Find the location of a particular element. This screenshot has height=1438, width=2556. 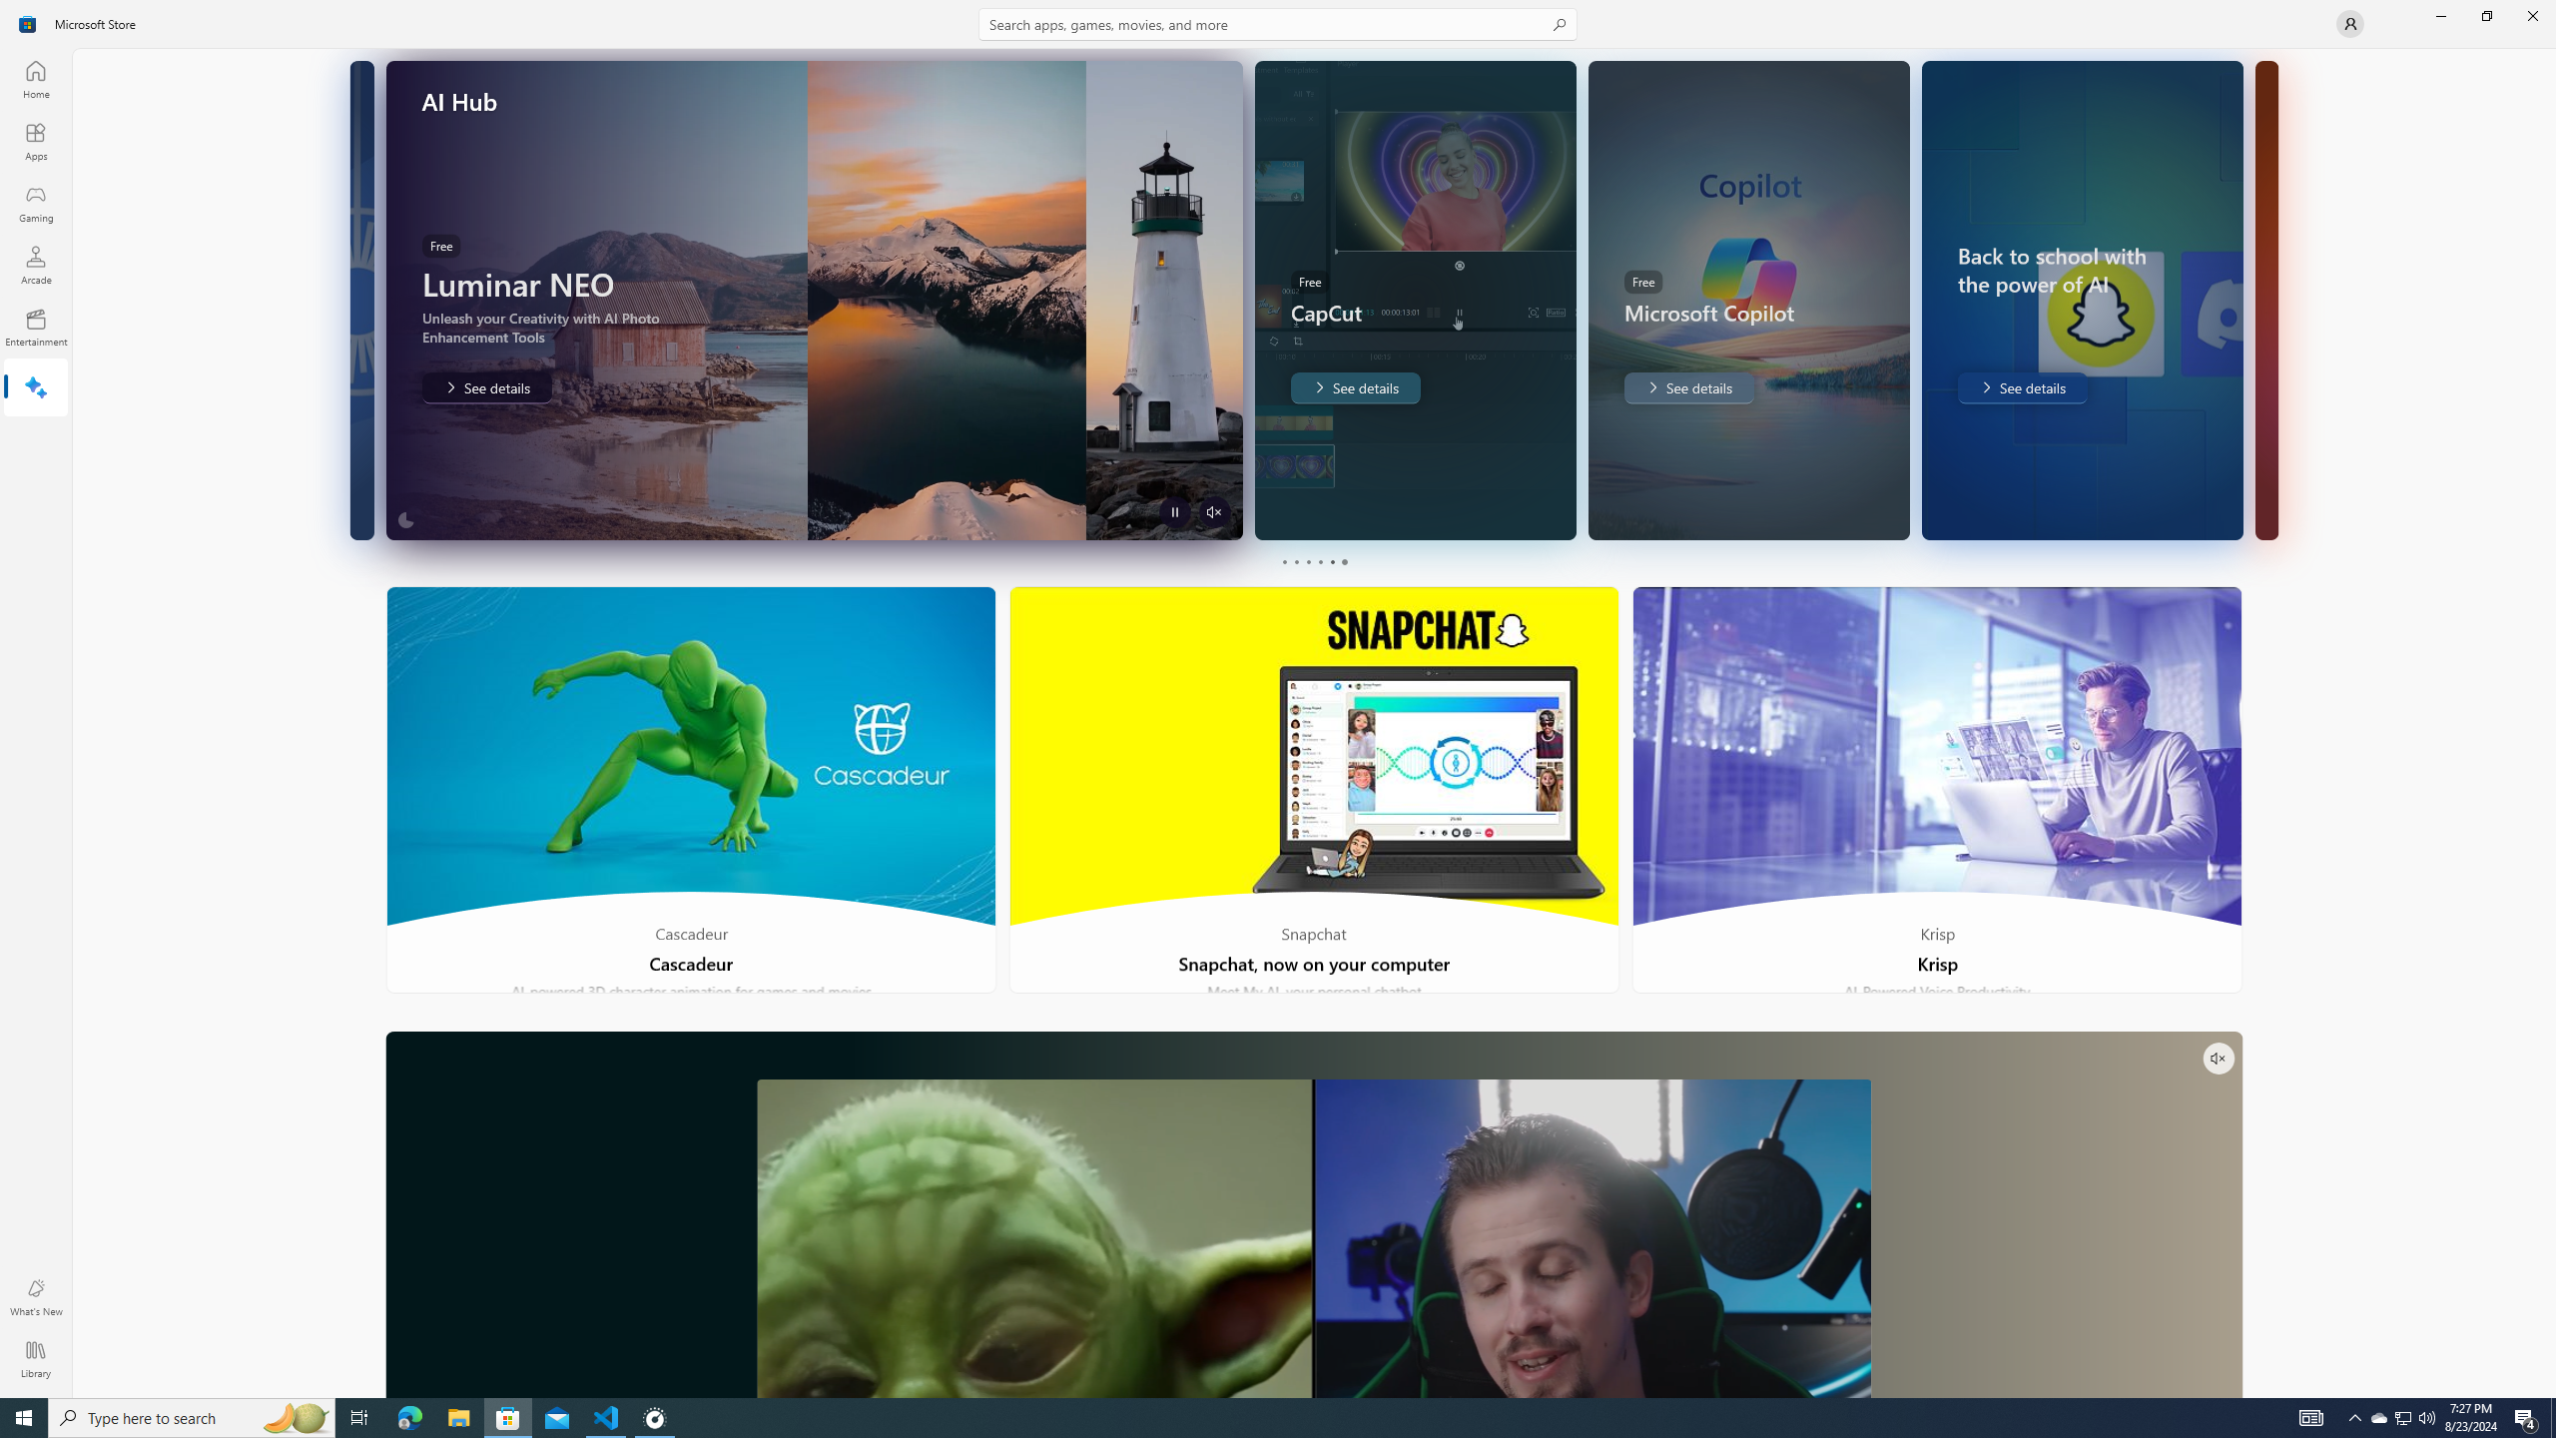

'Page 1' is located at coordinates (1283, 561).